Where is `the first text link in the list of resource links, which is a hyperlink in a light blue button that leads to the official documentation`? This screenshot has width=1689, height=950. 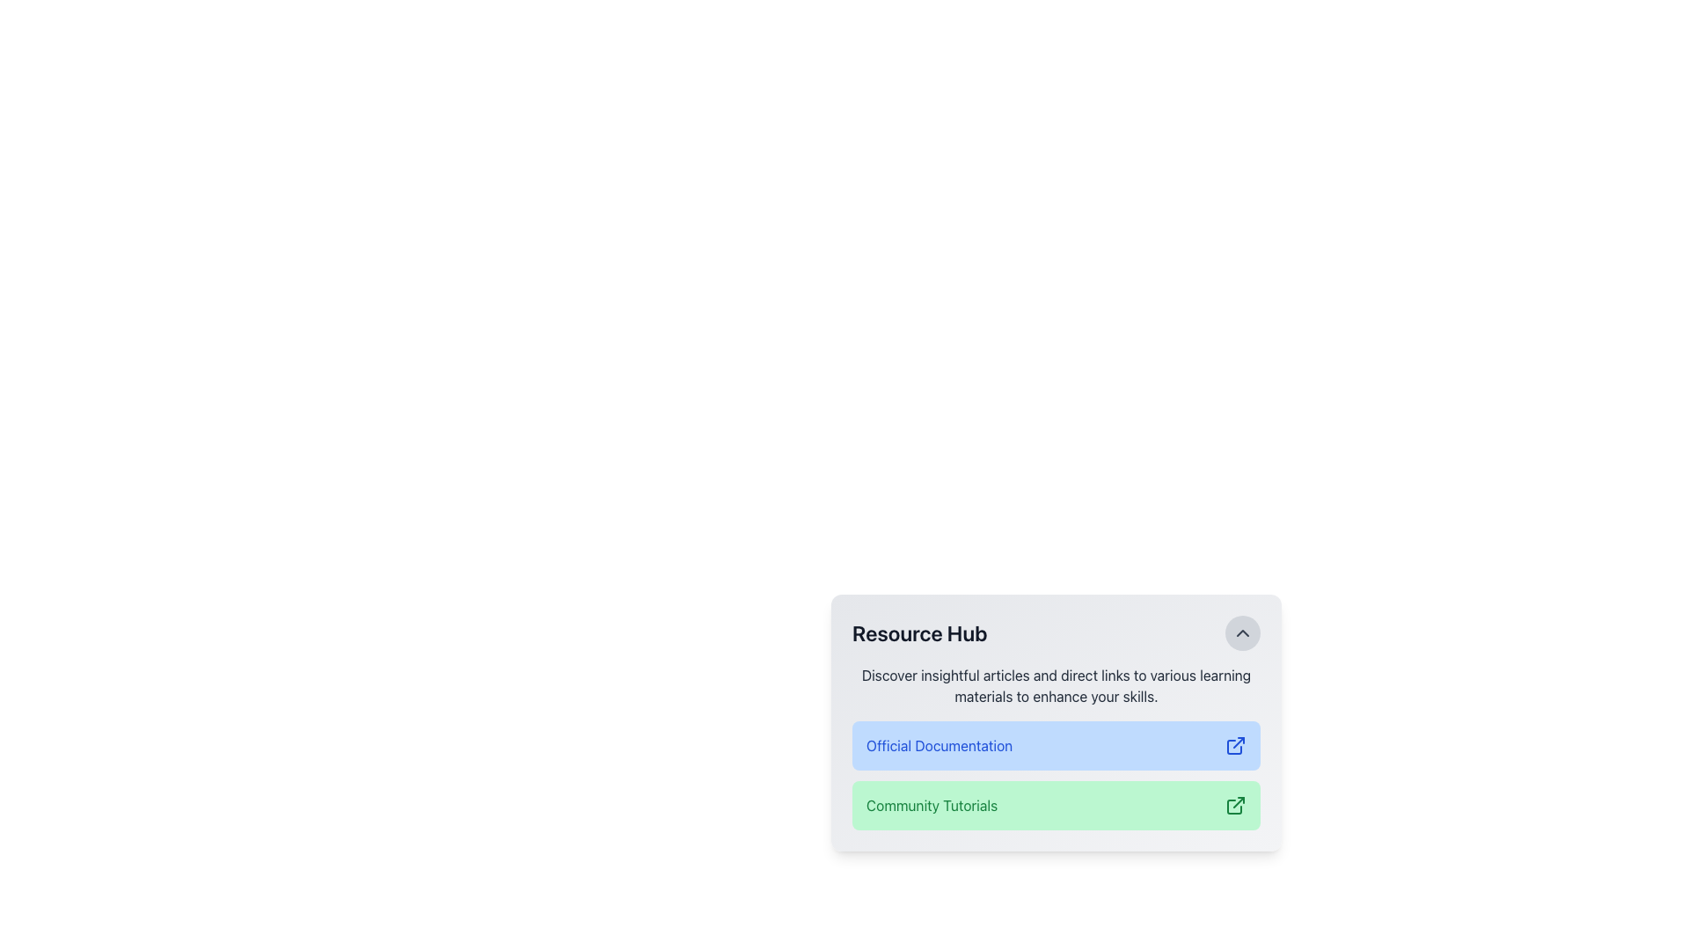 the first text link in the list of resource links, which is a hyperlink in a light blue button that leads to the official documentation is located at coordinates (939, 746).